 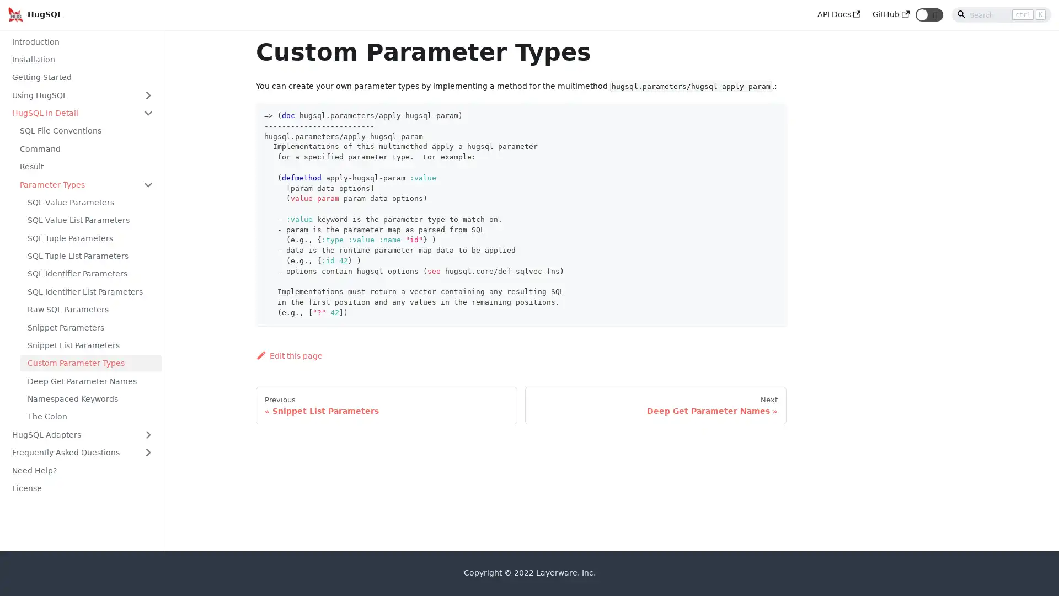 I want to click on Toggle the collapsible sidebar category 'Using HugSQL', so click(x=147, y=94).